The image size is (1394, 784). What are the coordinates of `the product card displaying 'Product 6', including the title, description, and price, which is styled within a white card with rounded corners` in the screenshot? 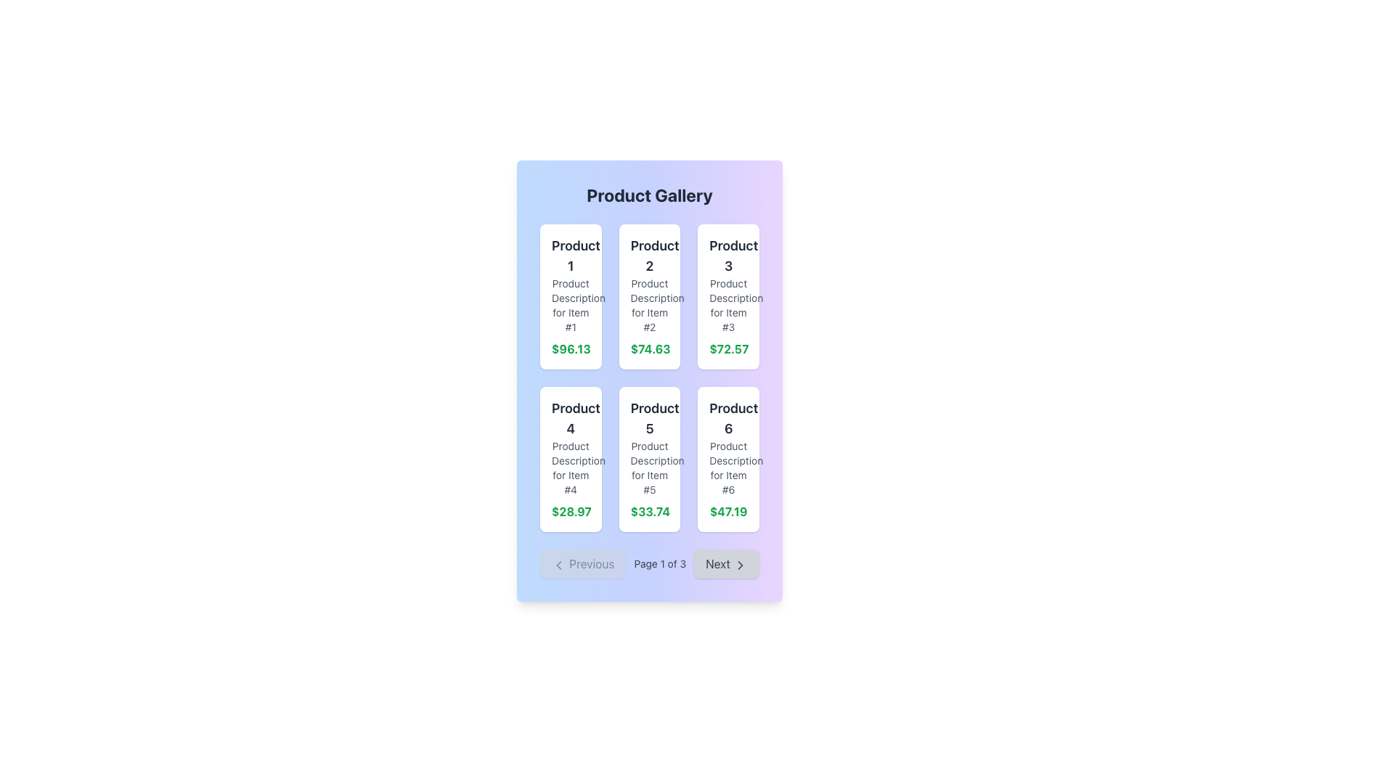 It's located at (728, 459).